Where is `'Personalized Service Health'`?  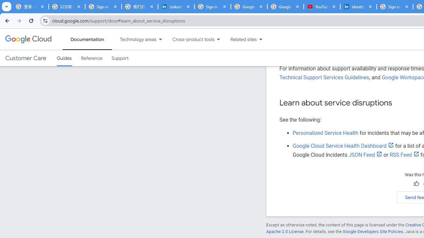
'Personalized Service Health' is located at coordinates (325, 133).